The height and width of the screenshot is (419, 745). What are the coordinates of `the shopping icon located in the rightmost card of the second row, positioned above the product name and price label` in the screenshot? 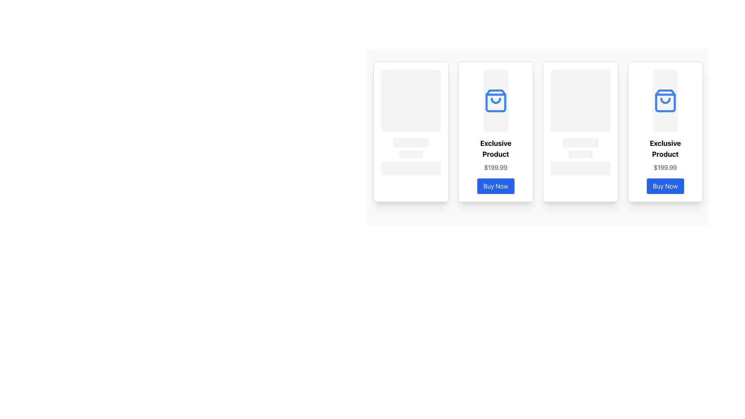 It's located at (665, 100).